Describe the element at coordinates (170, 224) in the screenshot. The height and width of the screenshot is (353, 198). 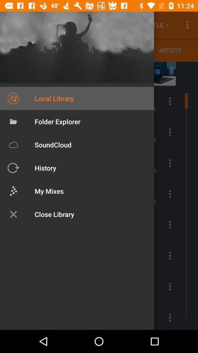
I see `the more icon` at that location.